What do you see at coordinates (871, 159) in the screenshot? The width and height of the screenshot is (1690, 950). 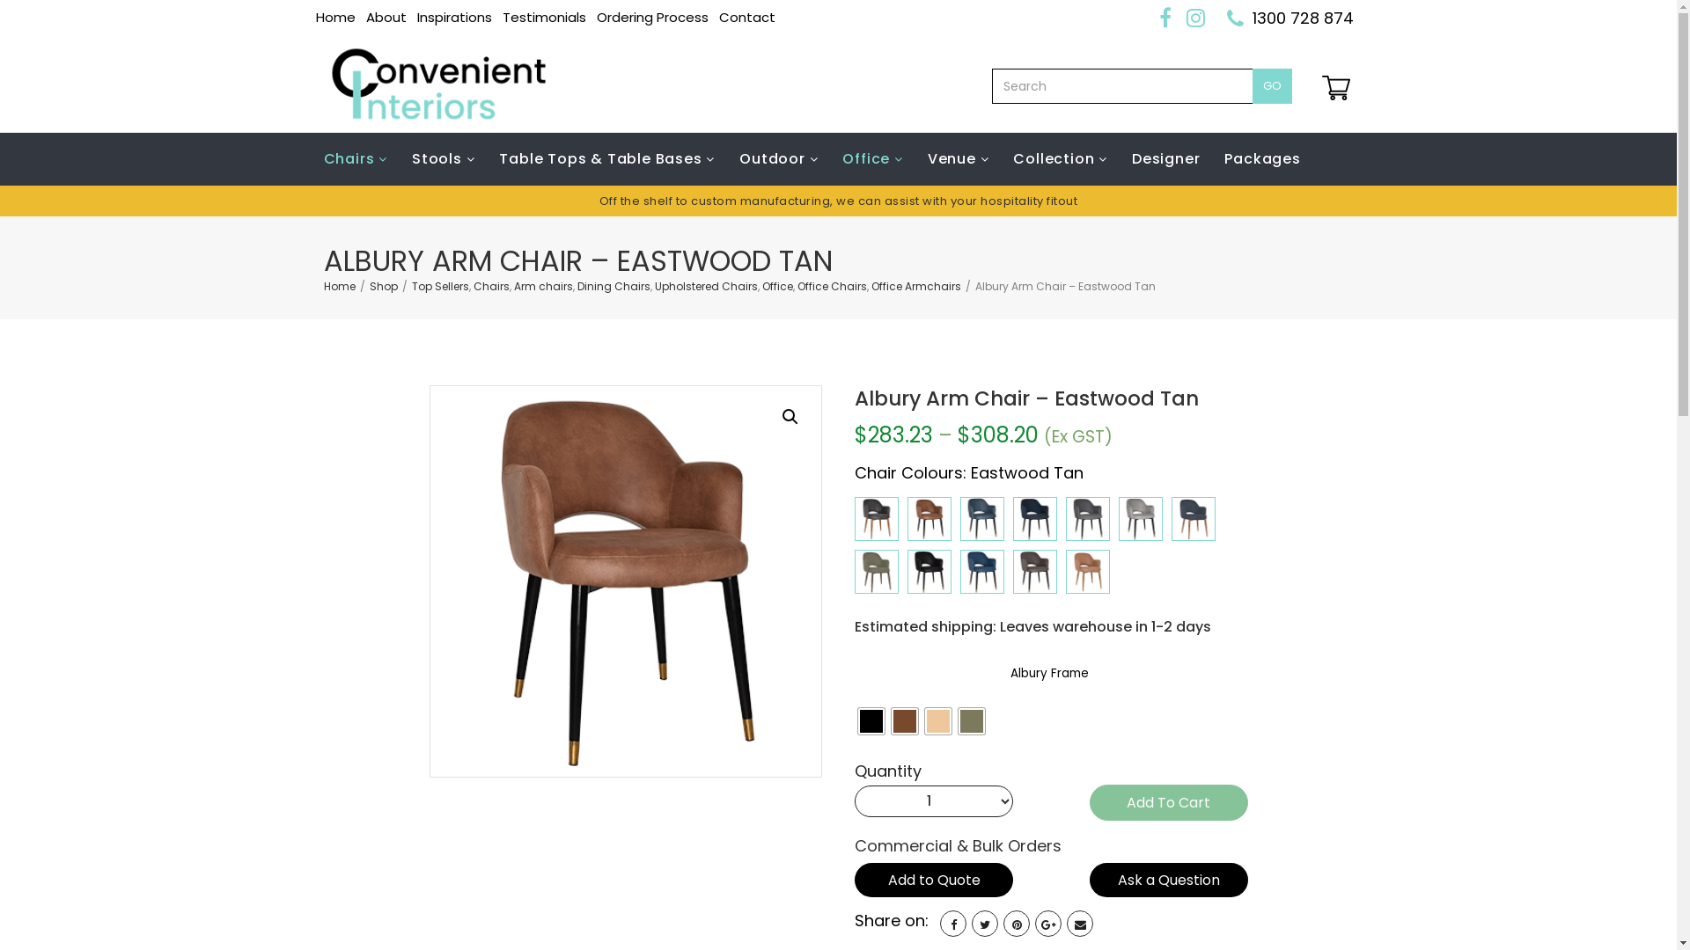 I see `'Office'` at bounding box center [871, 159].